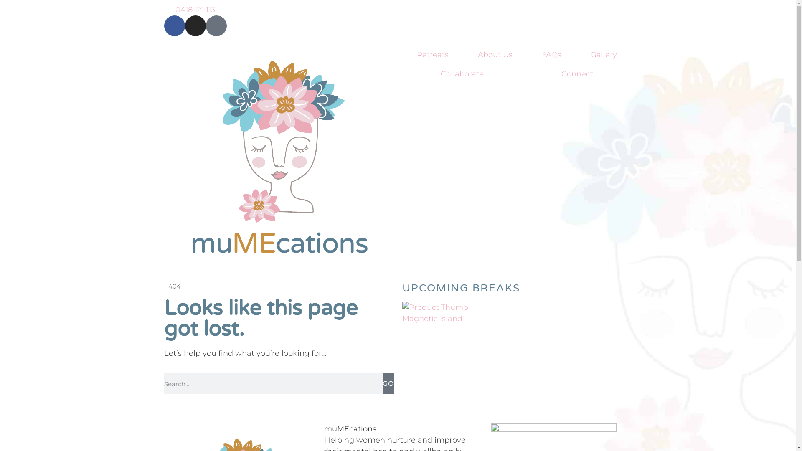 The width and height of the screenshot is (802, 451). I want to click on 'Connect', so click(577, 73).